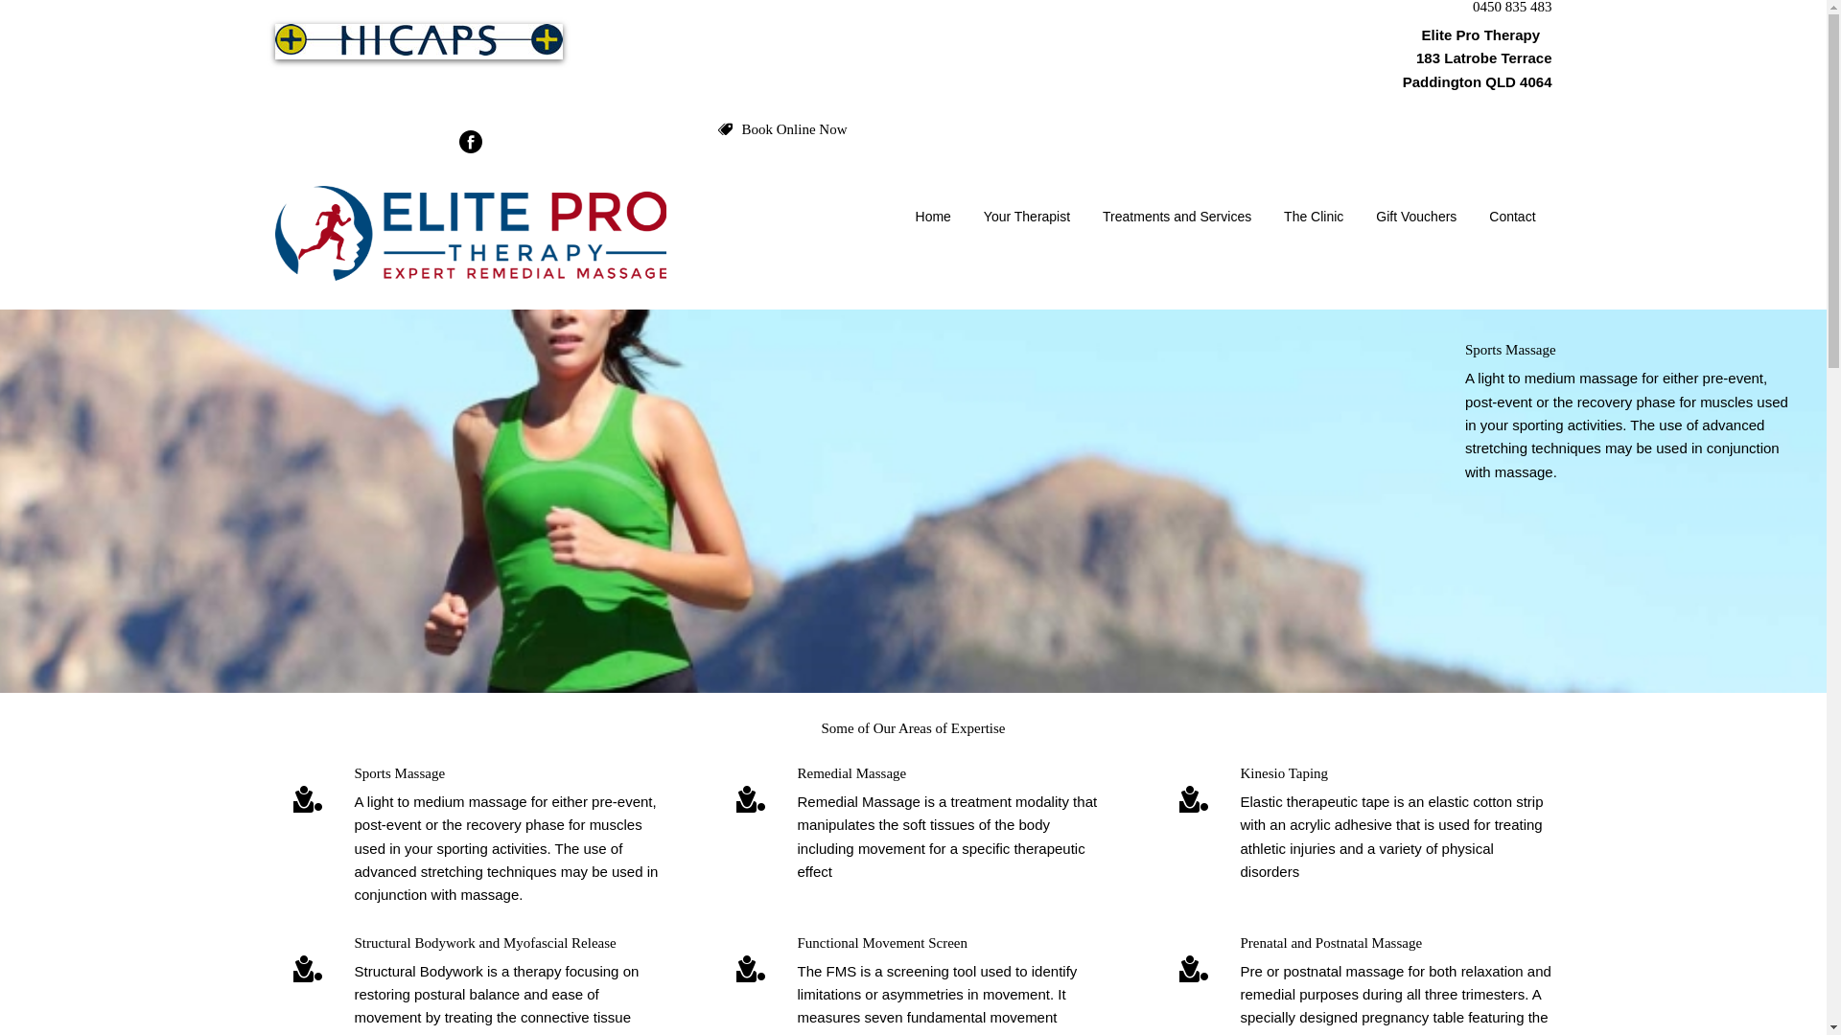 This screenshot has width=1841, height=1035. I want to click on 'Home', so click(933, 216).